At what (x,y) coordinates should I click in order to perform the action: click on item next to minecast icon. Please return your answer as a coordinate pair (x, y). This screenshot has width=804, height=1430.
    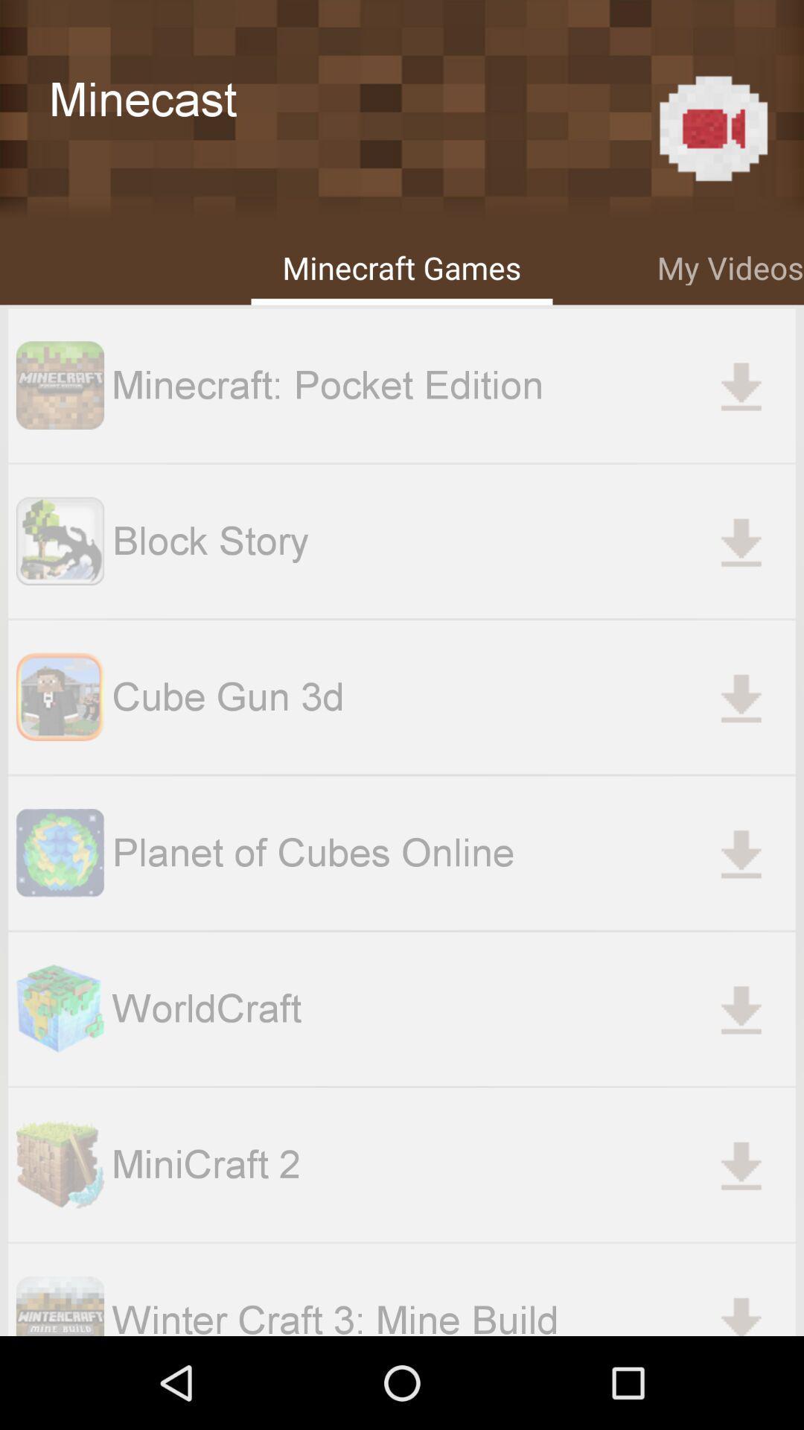
    Looking at the image, I should click on (712, 128).